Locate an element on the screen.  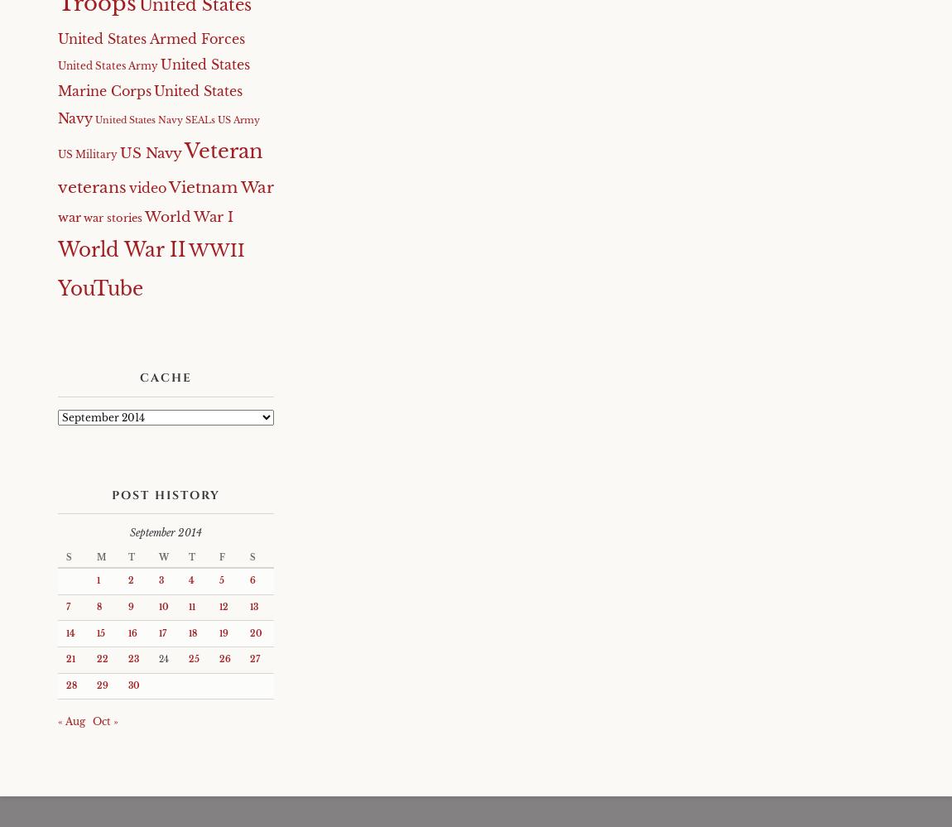
'Vietnam War' is located at coordinates (220, 186).